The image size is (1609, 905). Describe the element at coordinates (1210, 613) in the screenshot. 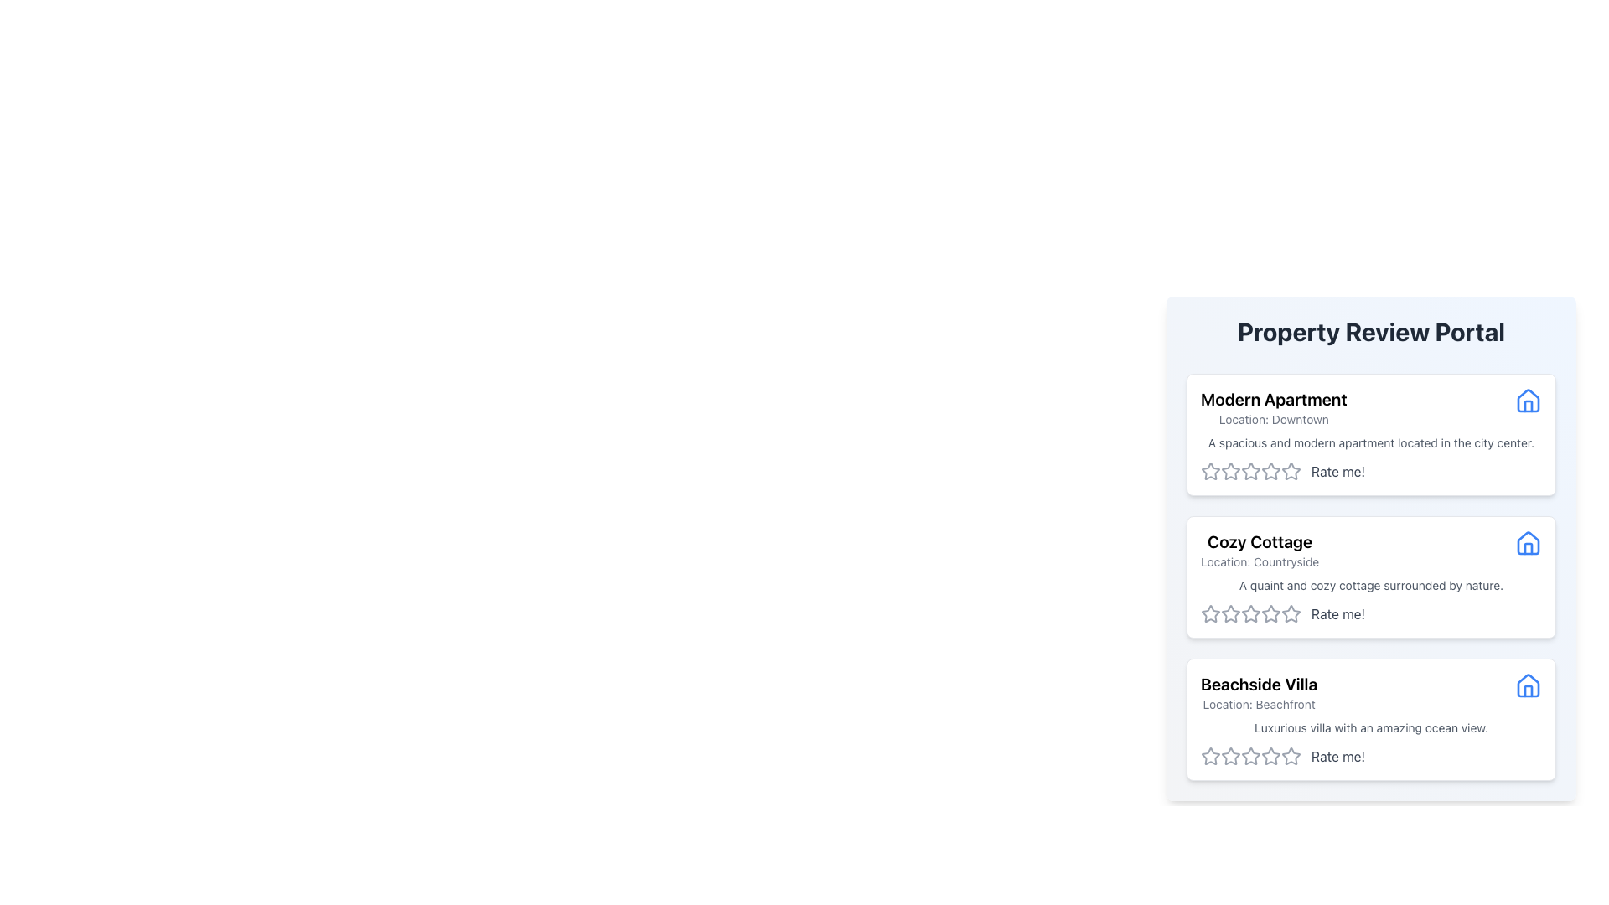

I see `the first star-shaped icon in the rating system for the 'Cozy Cottage' property card` at that location.